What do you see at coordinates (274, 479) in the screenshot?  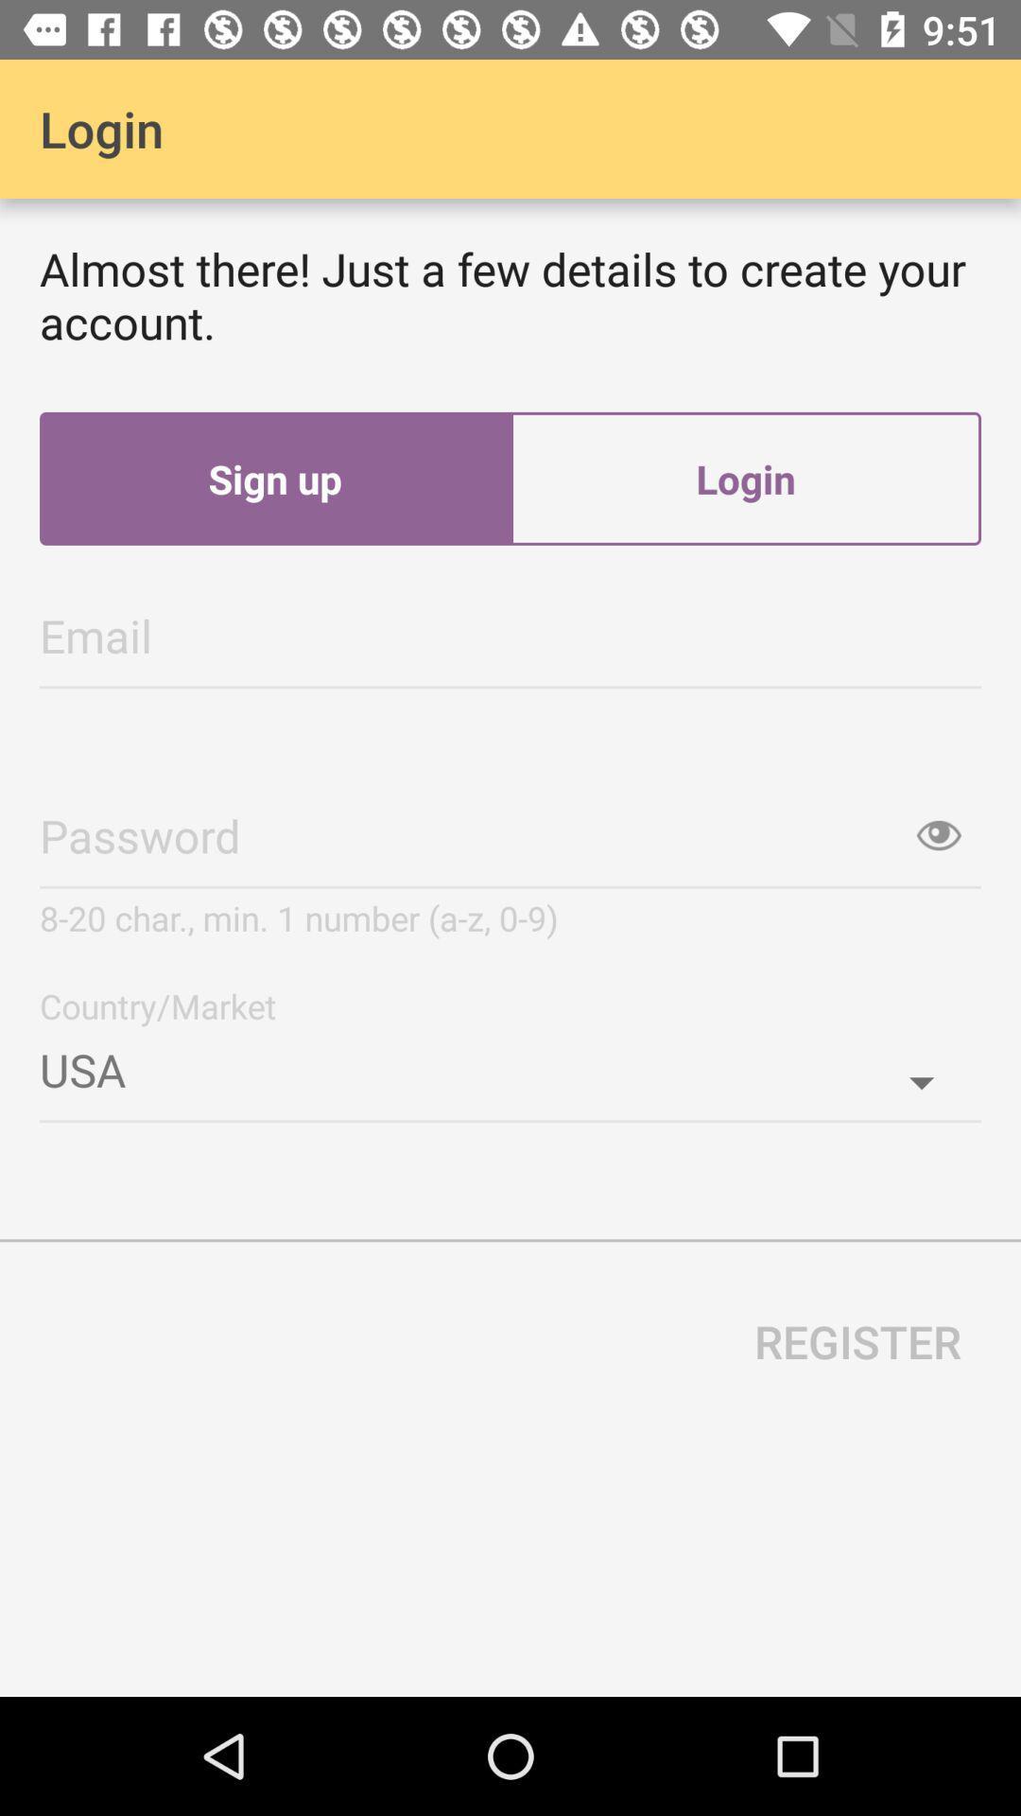 I see `the sign up item` at bounding box center [274, 479].